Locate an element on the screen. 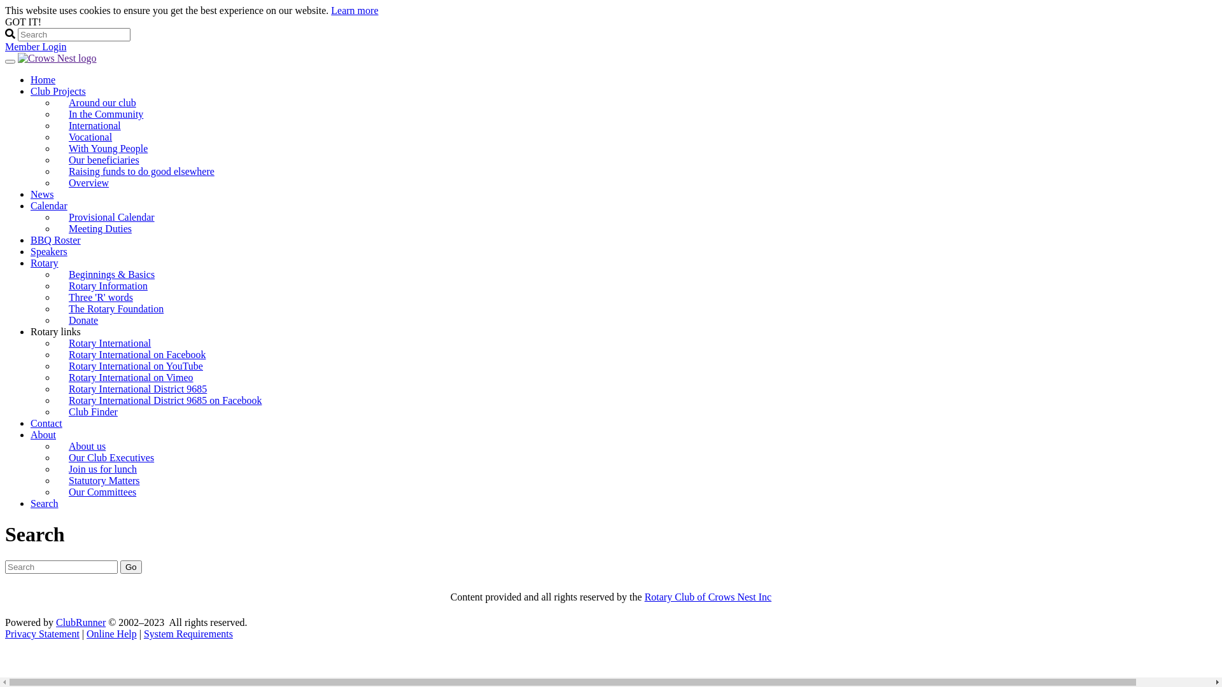  'Meeting Duties' is located at coordinates (99, 228).